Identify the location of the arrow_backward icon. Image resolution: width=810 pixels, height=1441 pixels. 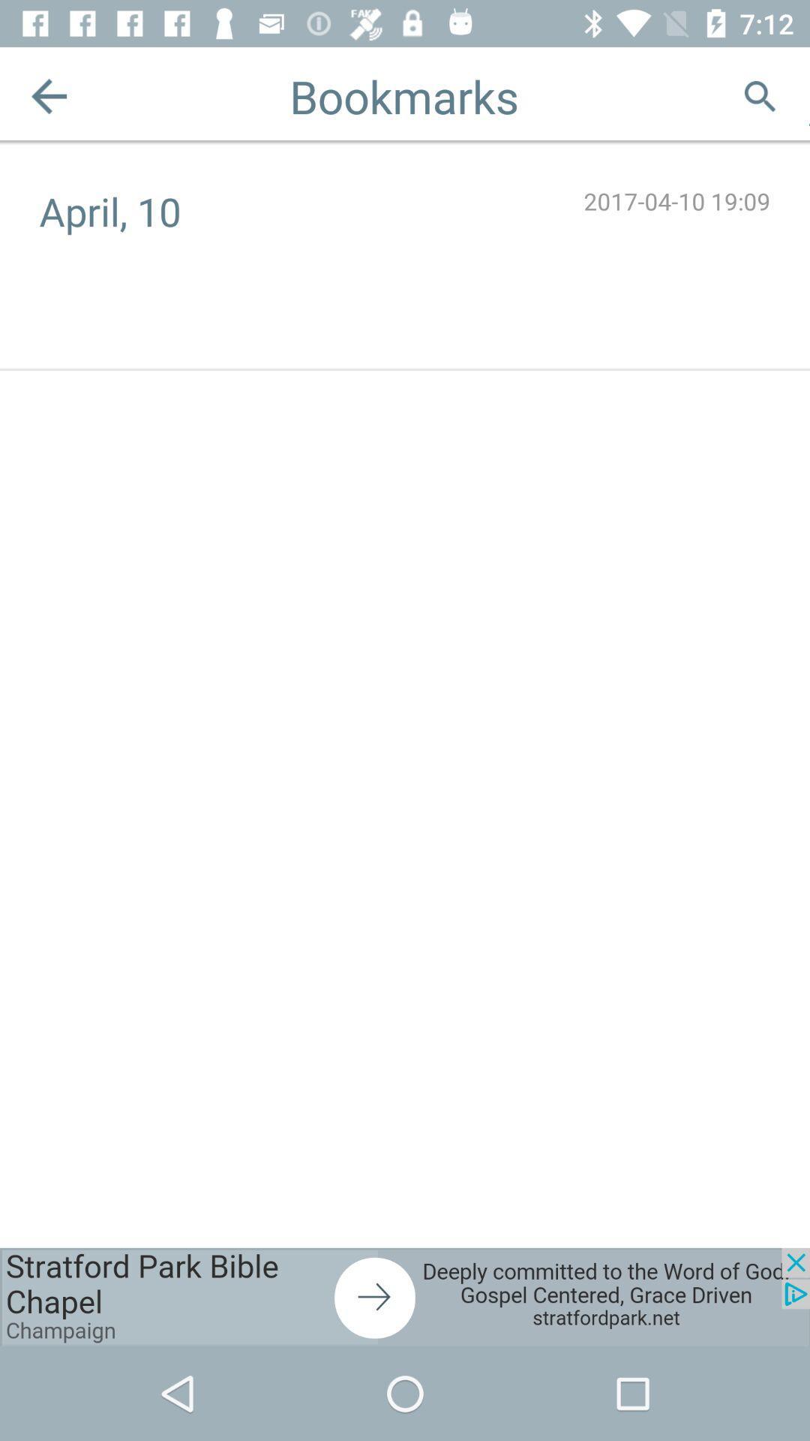
(48, 95).